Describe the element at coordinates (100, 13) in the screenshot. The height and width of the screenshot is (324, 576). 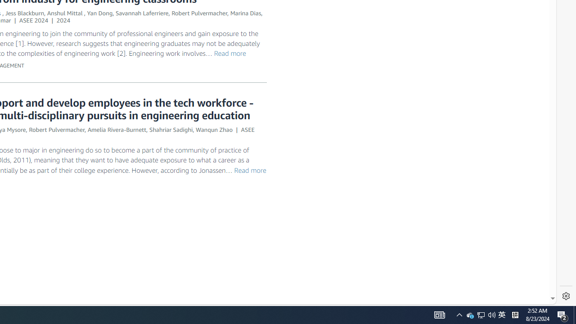
I see `'Yan Dong'` at that location.